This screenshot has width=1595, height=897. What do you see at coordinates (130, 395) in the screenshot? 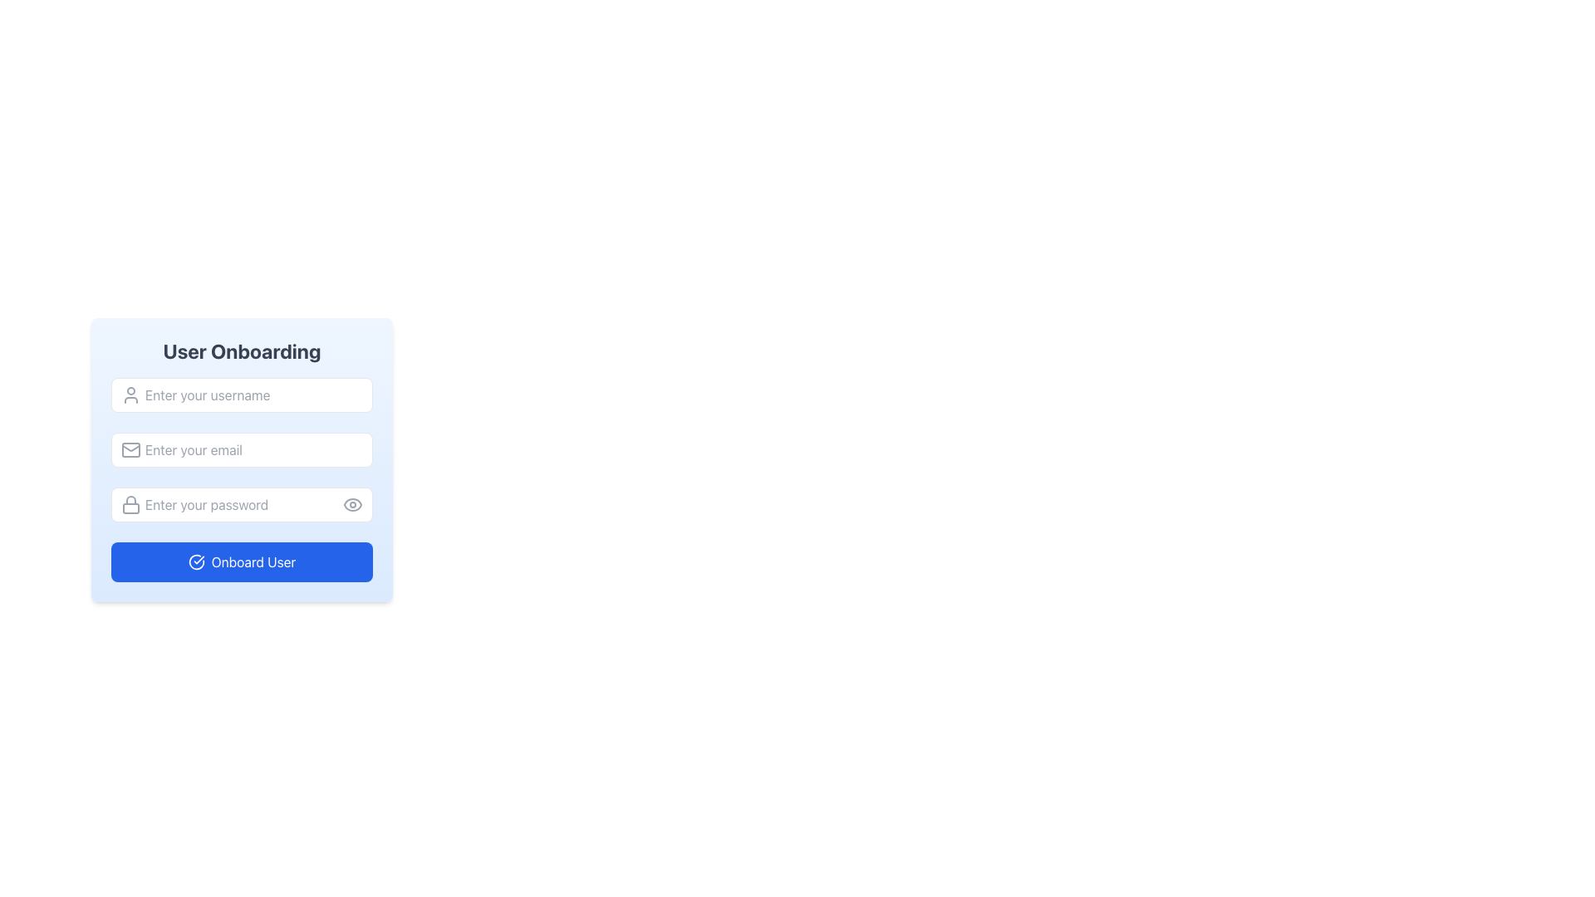
I see `the user icon inside the username input field in the 'User Onboarding' section, which serves as a visual hint for the field's purpose` at bounding box center [130, 395].